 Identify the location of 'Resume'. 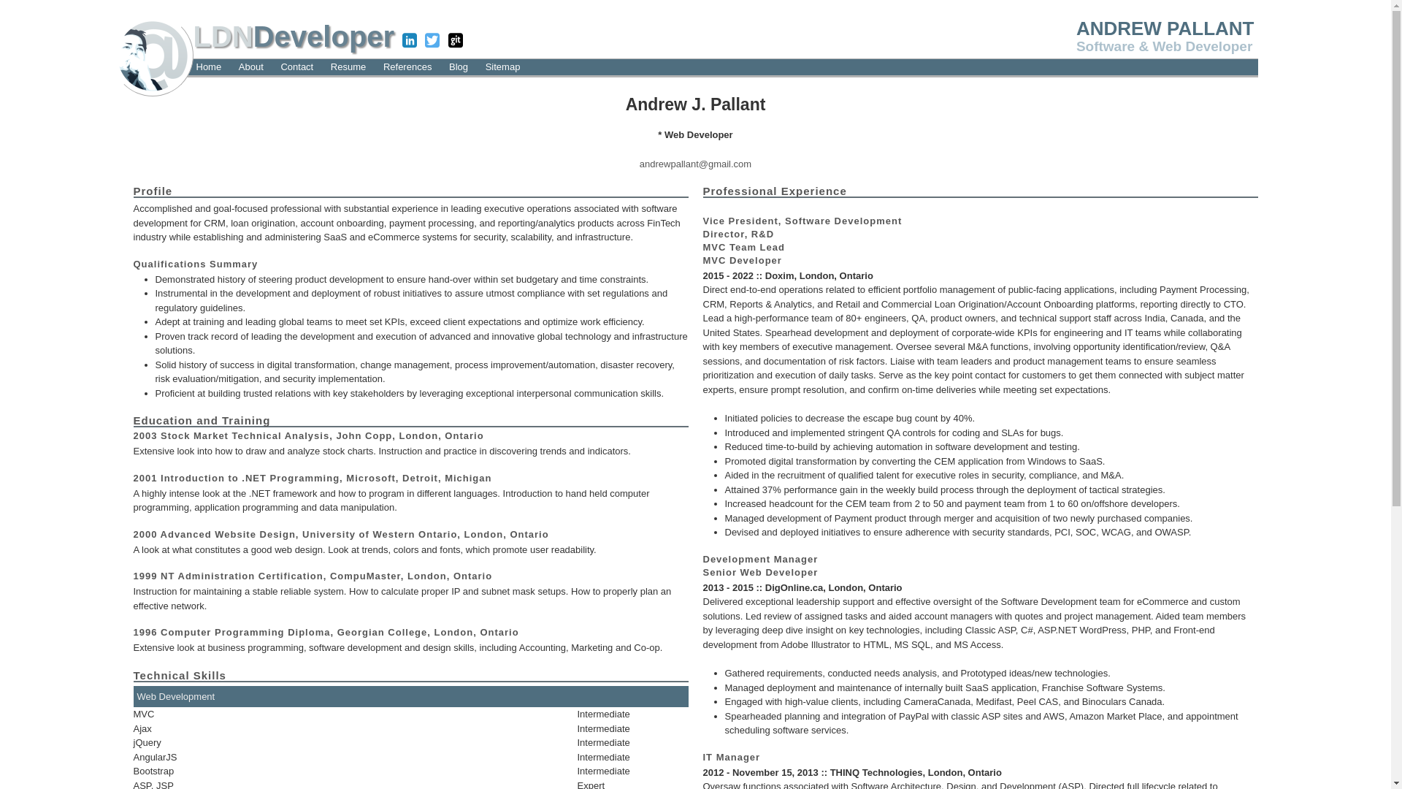
(347, 66).